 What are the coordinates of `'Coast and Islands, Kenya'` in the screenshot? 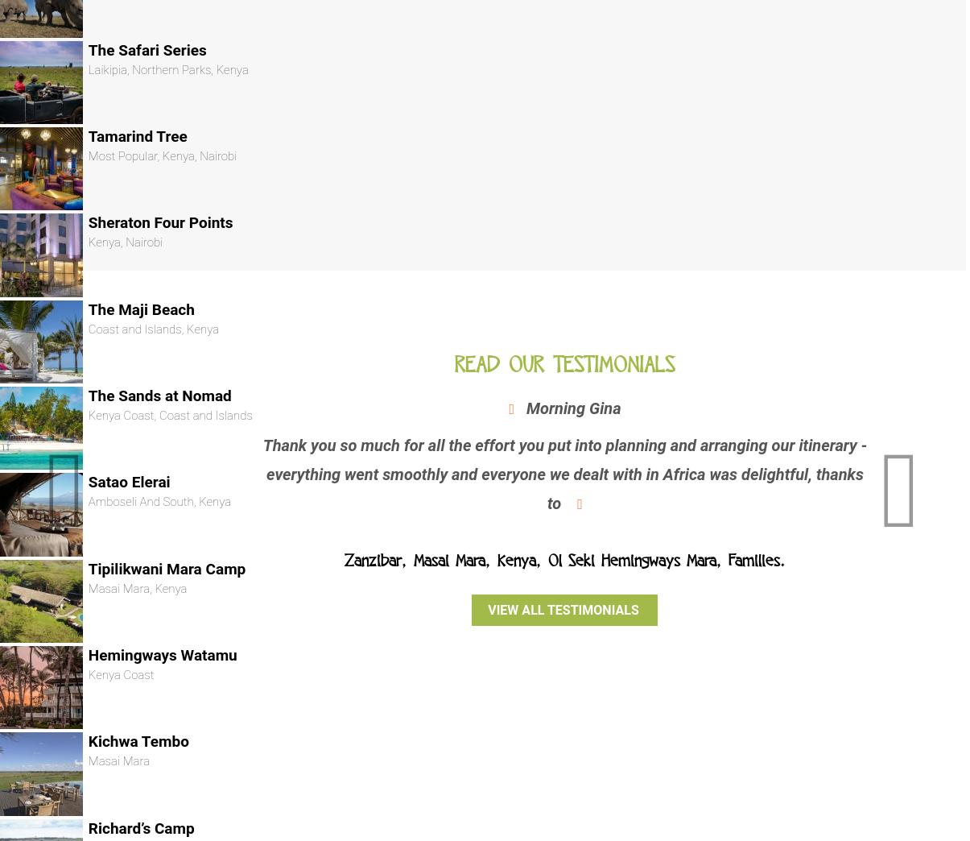 It's located at (152, 327).